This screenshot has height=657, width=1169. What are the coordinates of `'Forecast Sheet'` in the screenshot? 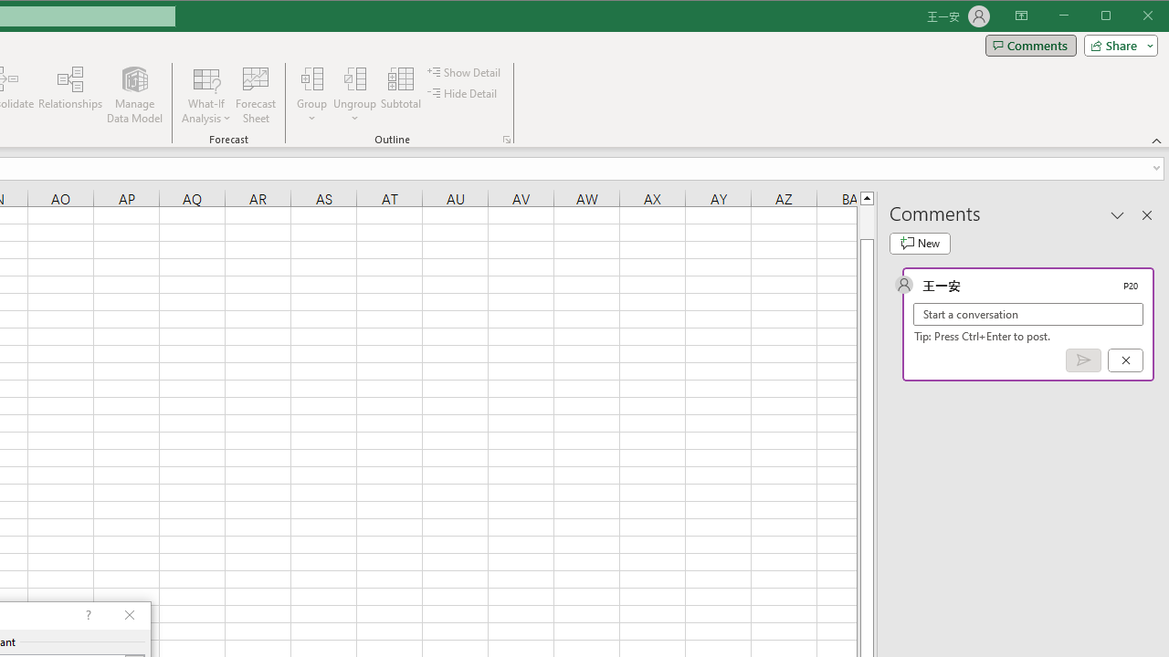 It's located at (255, 95).